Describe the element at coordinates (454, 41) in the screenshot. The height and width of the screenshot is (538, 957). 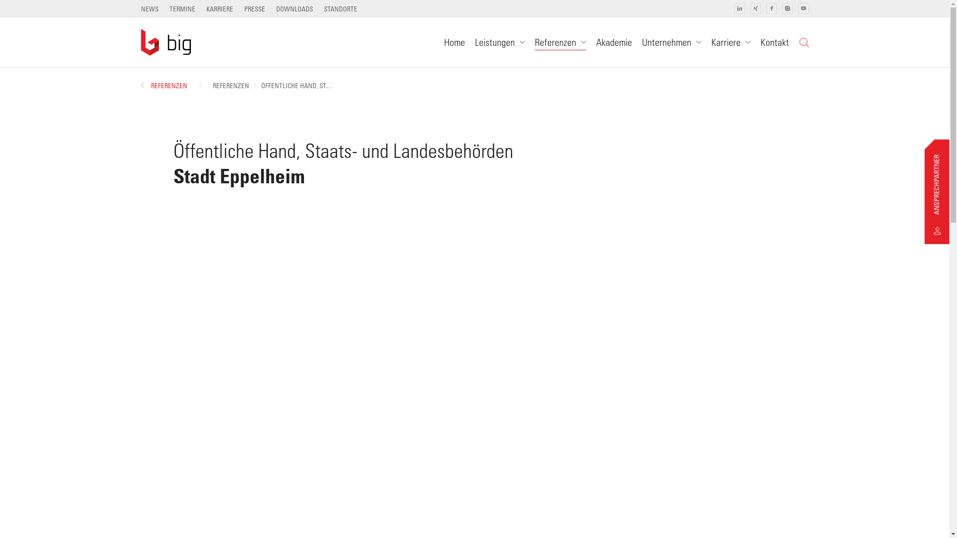
I see `'Home'` at that location.